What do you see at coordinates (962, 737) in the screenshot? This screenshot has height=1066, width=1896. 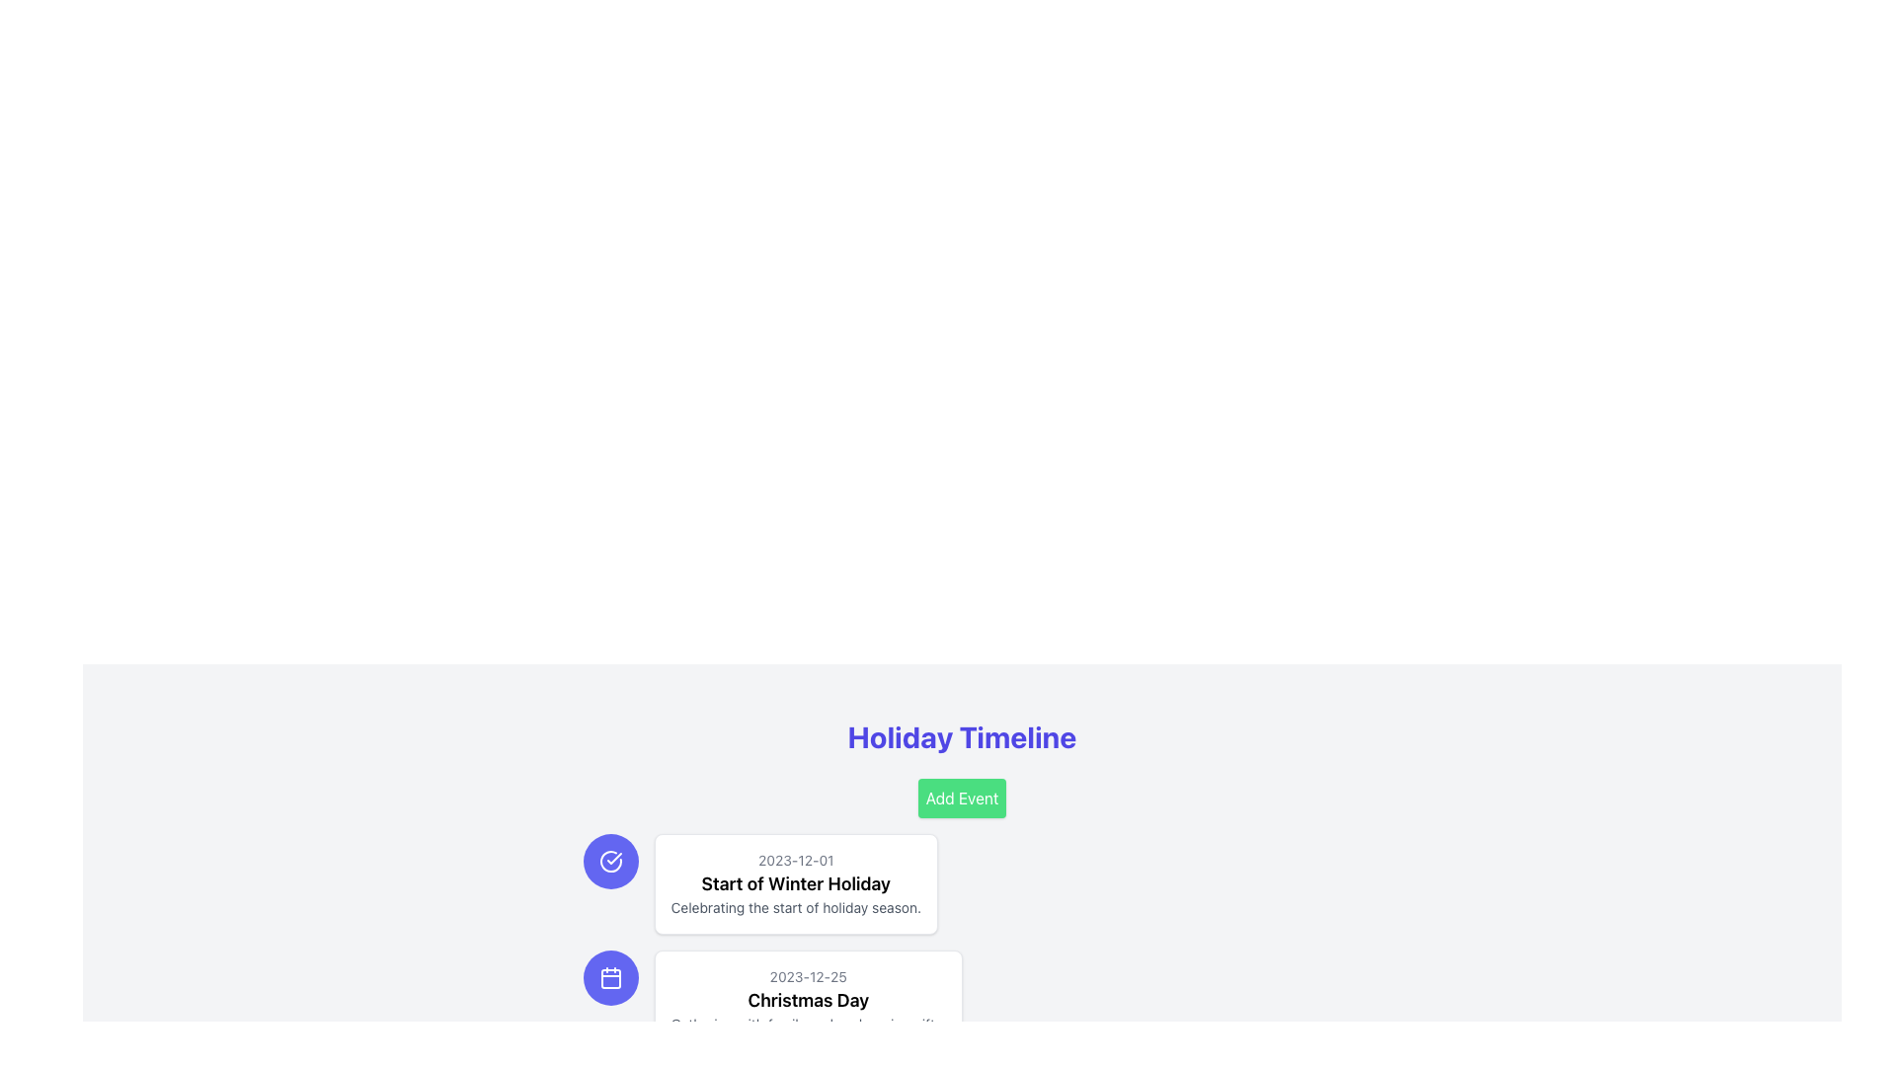 I see `the prominently styled heading with the text 'Holiday Timeline' by moving the cursor to its center position` at bounding box center [962, 737].